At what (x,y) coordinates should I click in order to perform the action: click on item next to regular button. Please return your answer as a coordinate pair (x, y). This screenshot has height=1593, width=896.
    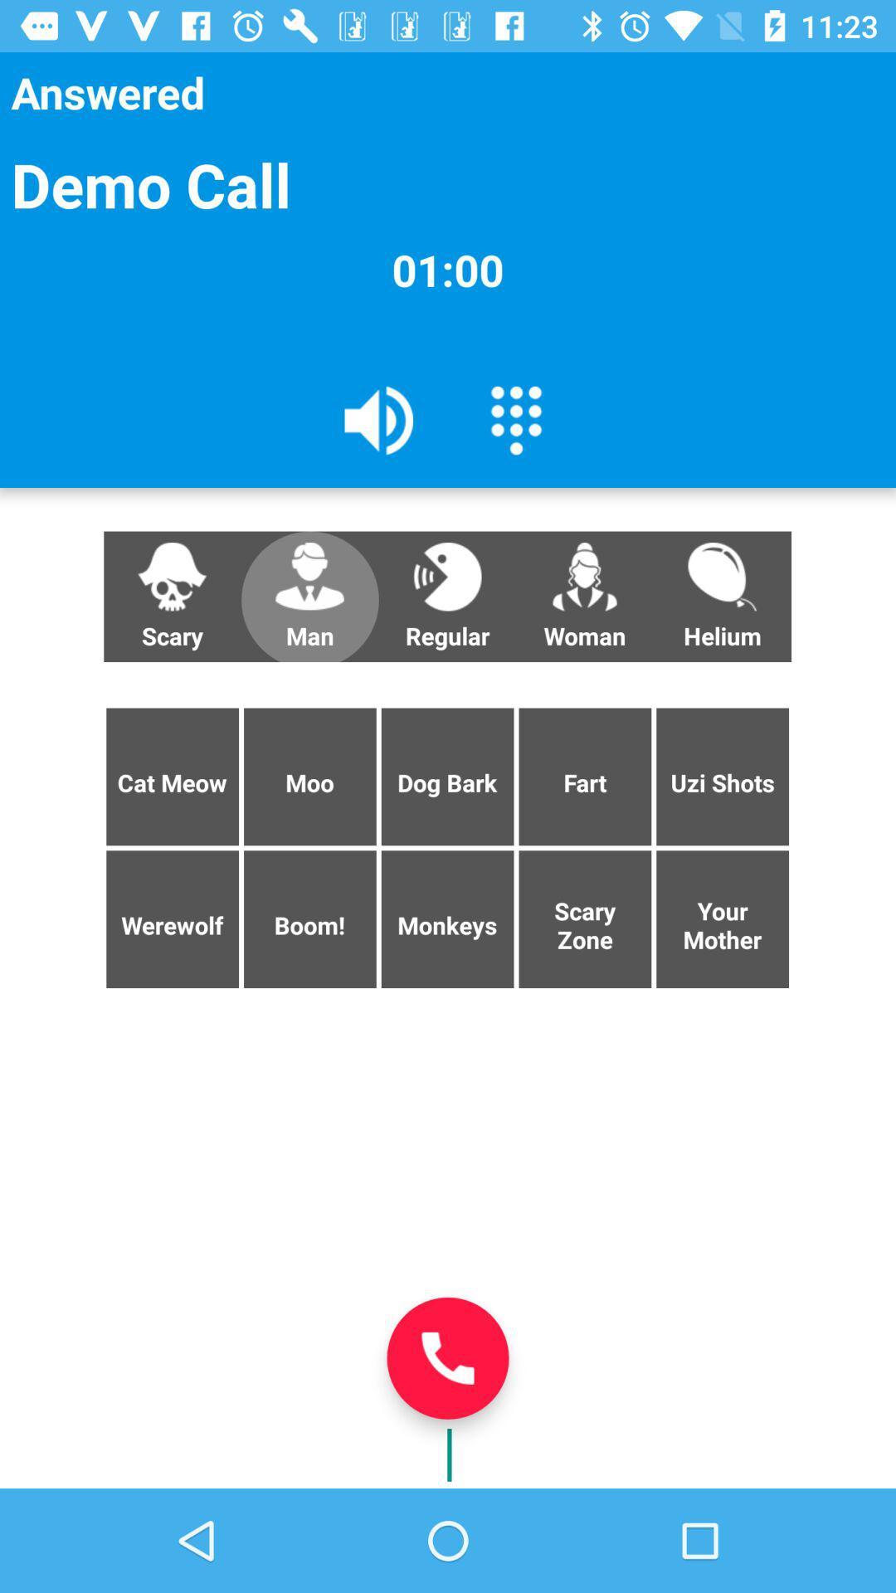
    Looking at the image, I should click on (309, 597).